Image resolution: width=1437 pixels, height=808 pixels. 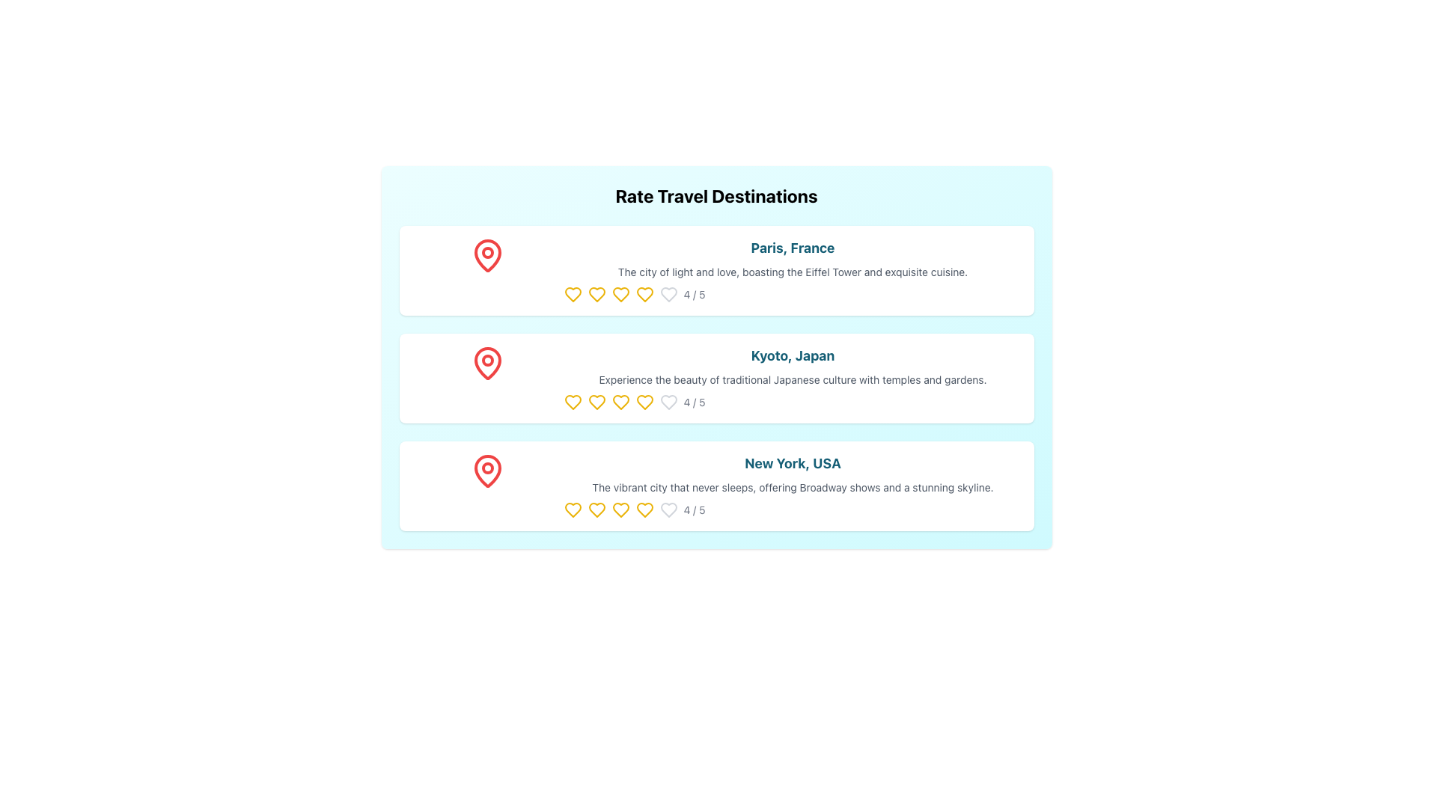 I want to click on the fifth heart icon in the horizontal rating row under the 'Kyoto, Japan' section to interact with the rating, so click(x=620, y=401).